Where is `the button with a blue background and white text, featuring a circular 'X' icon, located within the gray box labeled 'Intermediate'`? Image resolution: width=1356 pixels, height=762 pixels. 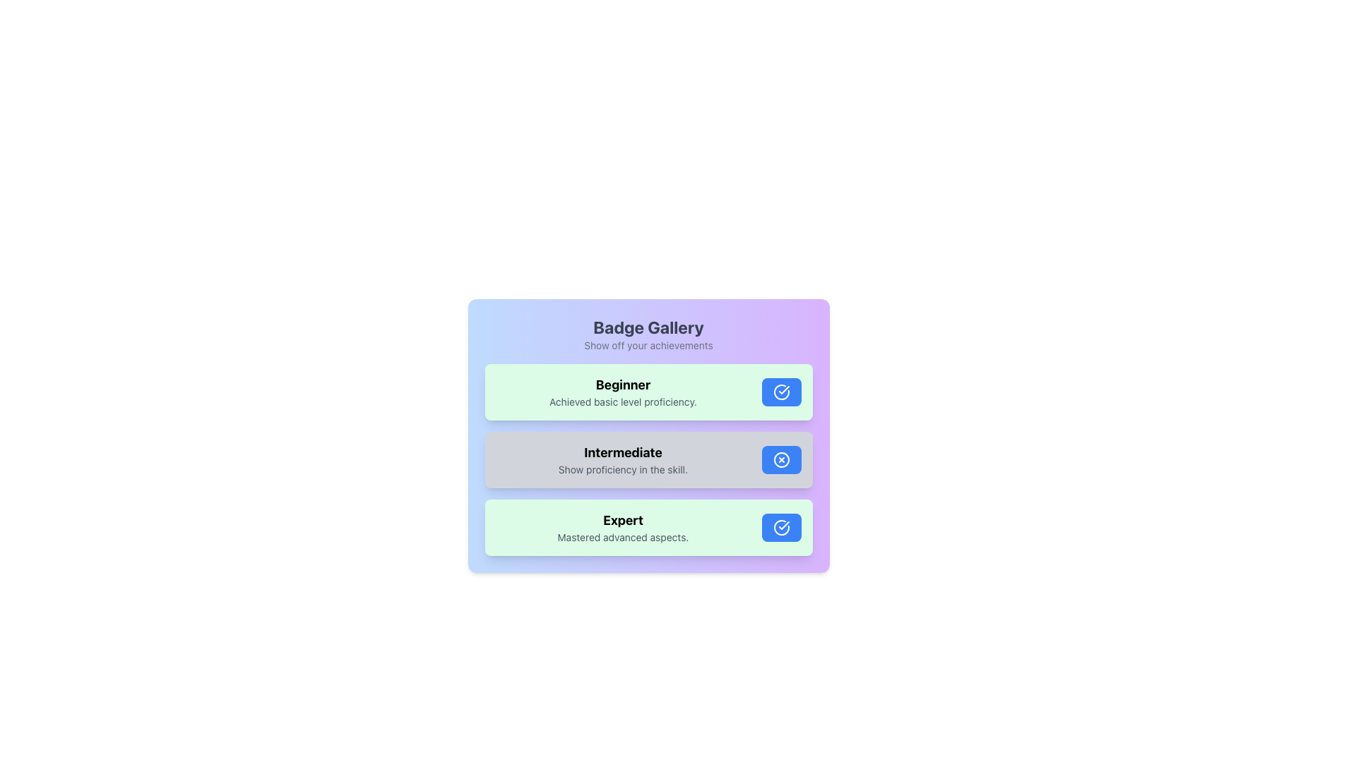
the button with a blue background and white text, featuring a circular 'X' icon, located within the gray box labeled 'Intermediate' is located at coordinates (780, 459).